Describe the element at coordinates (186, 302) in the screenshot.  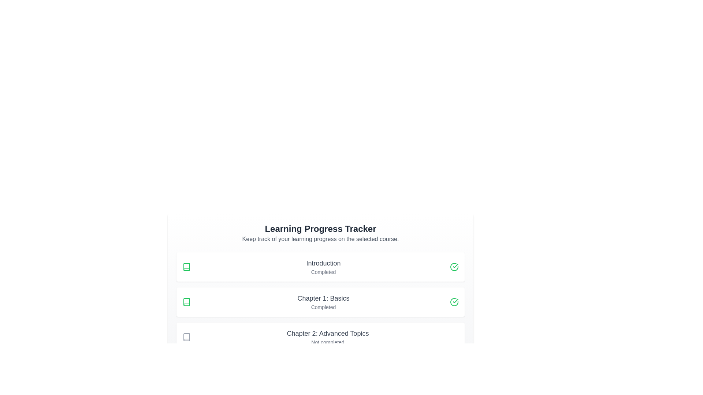
I see `the book icon that represents 'Chapter 1: Basics', which is the second indicator in its row and is located between 'Introduction' and 'Chapter 2: Advanced Topics'` at that location.